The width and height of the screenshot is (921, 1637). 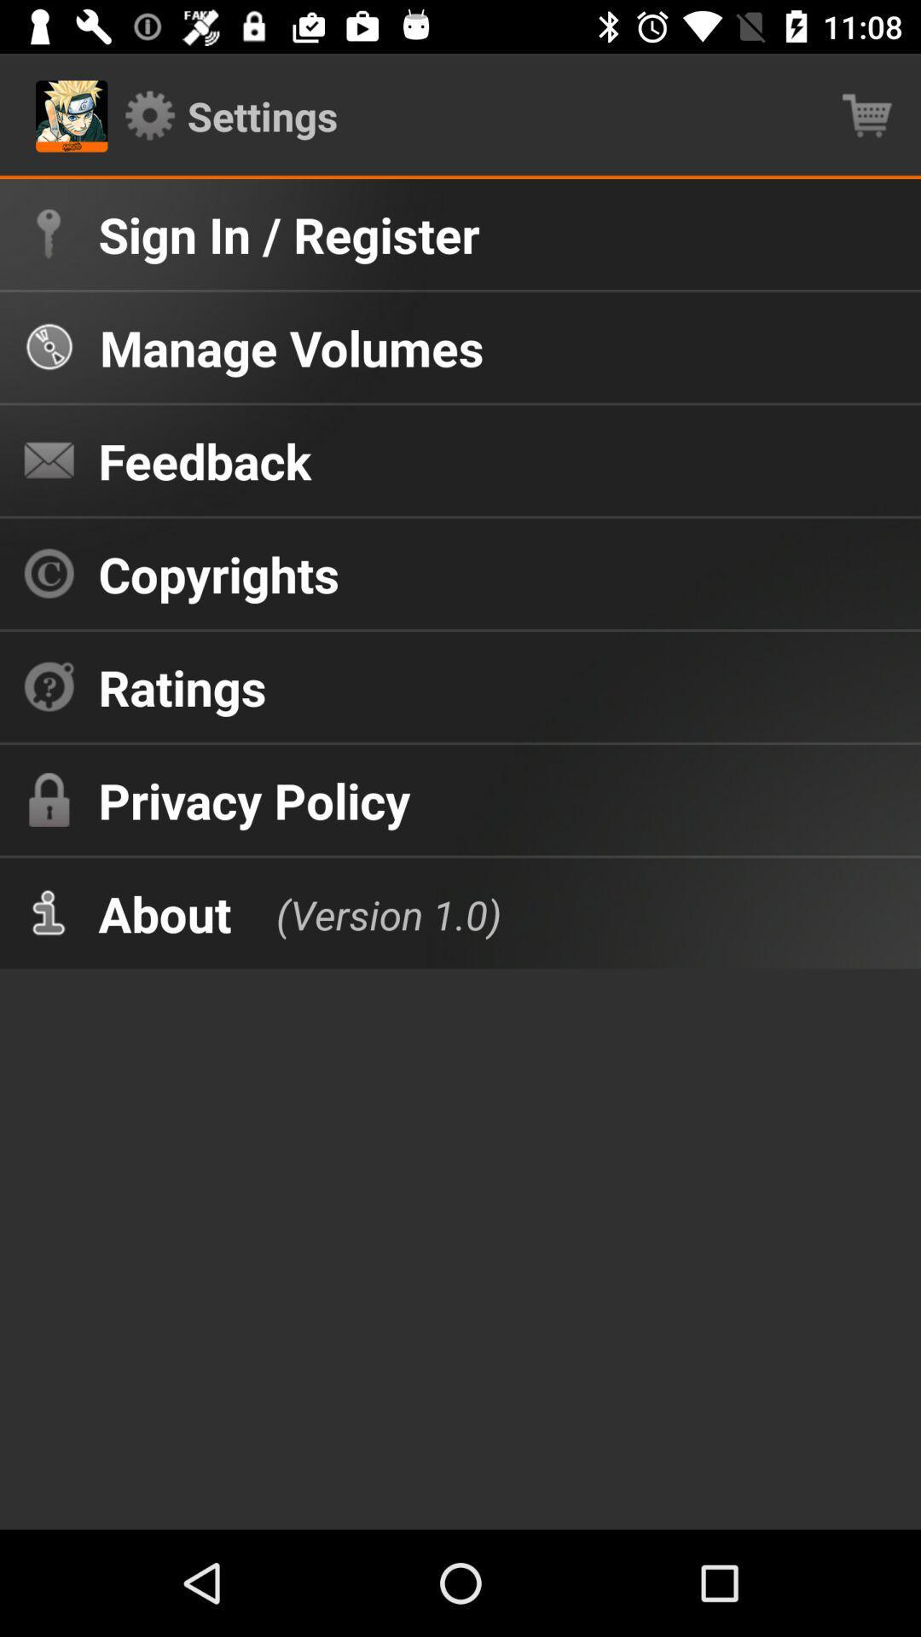 What do you see at coordinates (165, 912) in the screenshot?
I see `the icon next to (version 1.0)` at bounding box center [165, 912].